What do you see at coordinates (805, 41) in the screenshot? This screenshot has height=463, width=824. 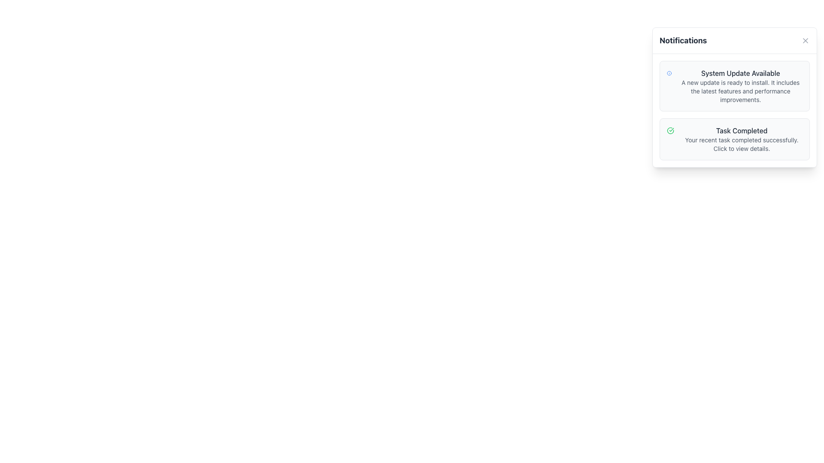 I see `the 'X' close icon within the SVG element located at the top right corner of the notification panel` at bounding box center [805, 41].